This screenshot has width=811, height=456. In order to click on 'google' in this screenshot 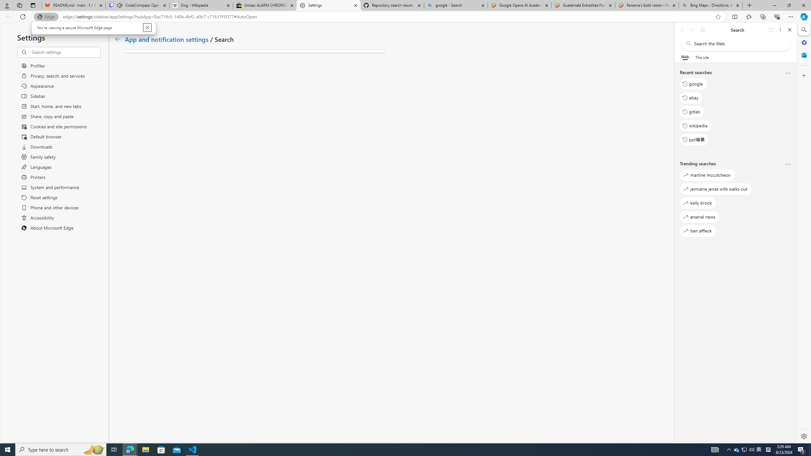, I will do `click(693, 84)`.